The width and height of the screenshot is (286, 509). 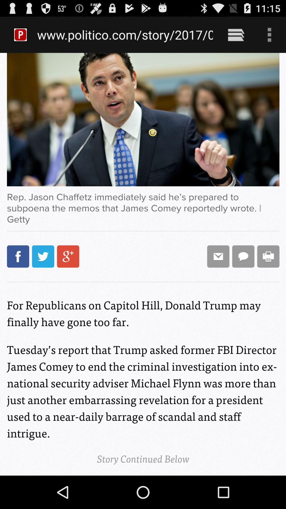 I want to click on icon at the center, so click(x=143, y=264).